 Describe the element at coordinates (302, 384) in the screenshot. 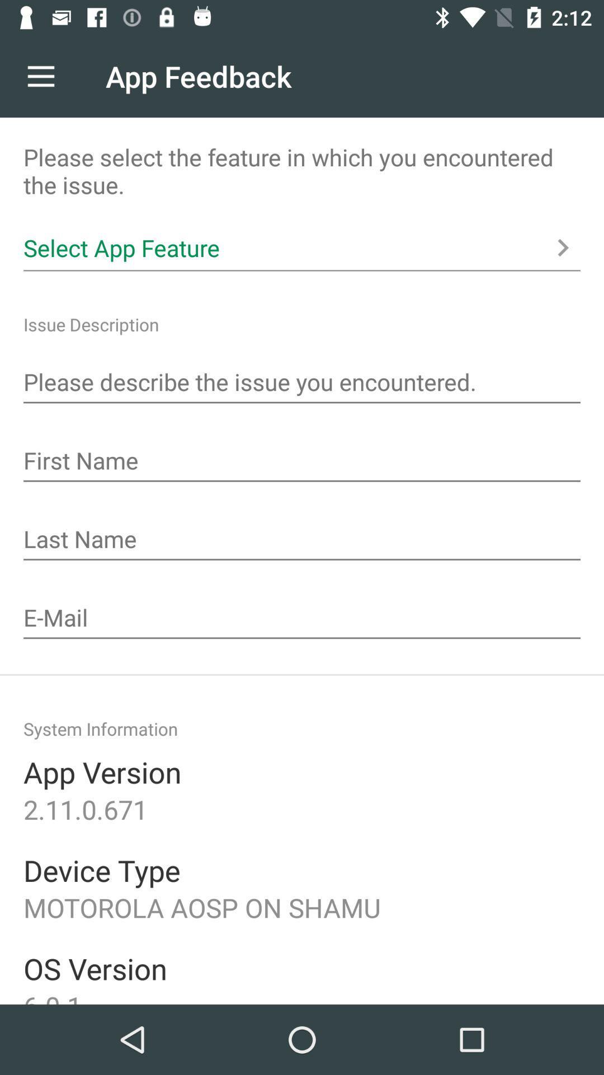

I see `a place to describe issues encountered` at that location.